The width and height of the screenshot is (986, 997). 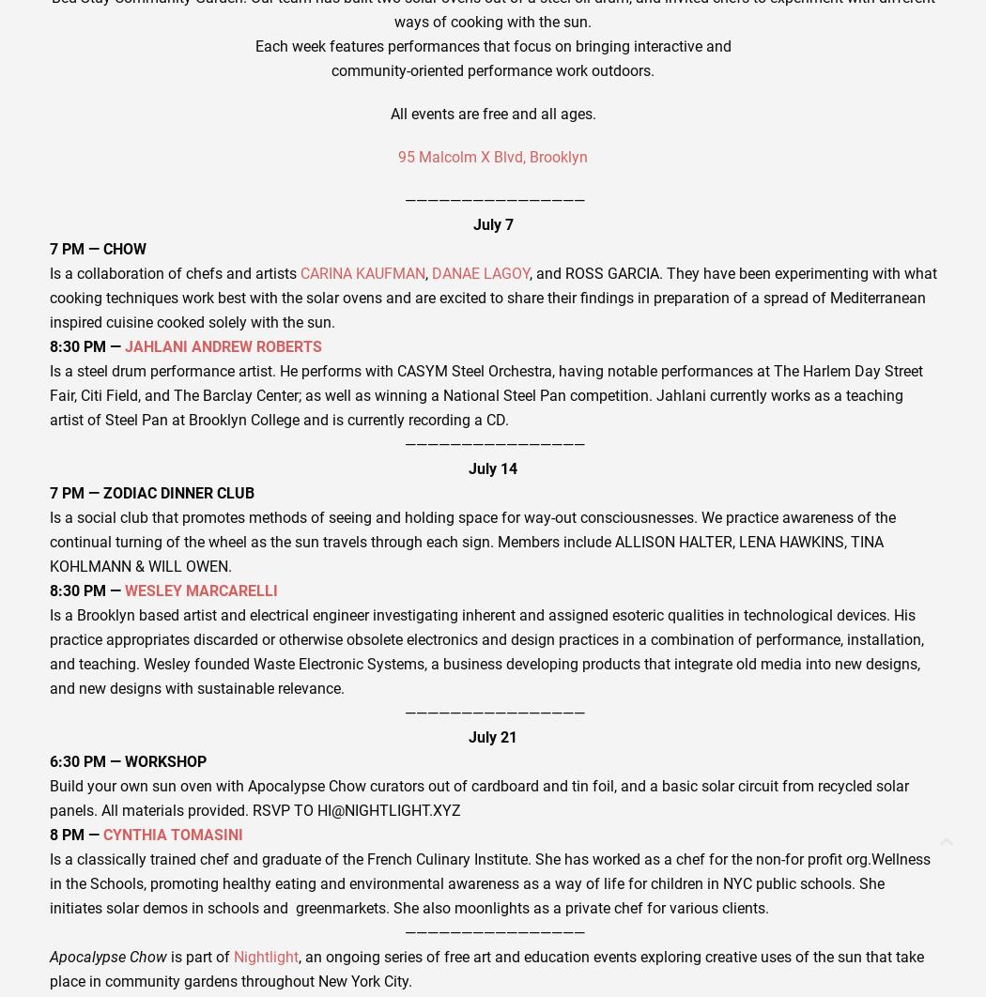 What do you see at coordinates (331, 69) in the screenshot?
I see `'community-oriented performance work outdoors.'` at bounding box center [331, 69].